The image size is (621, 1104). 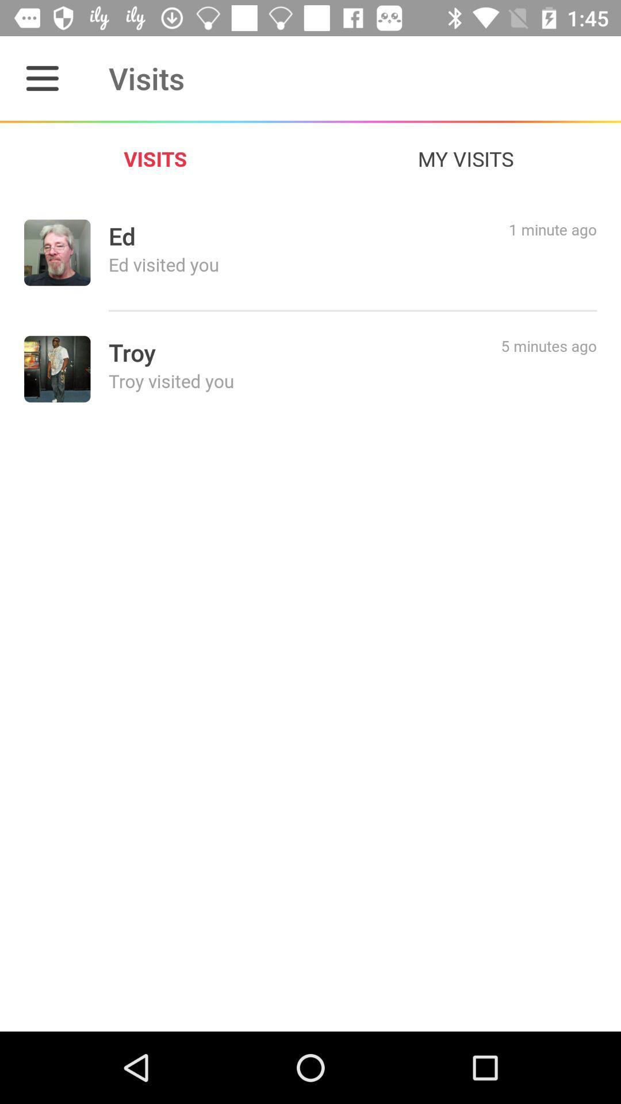 What do you see at coordinates (466, 158) in the screenshot?
I see `the my visits item` at bounding box center [466, 158].